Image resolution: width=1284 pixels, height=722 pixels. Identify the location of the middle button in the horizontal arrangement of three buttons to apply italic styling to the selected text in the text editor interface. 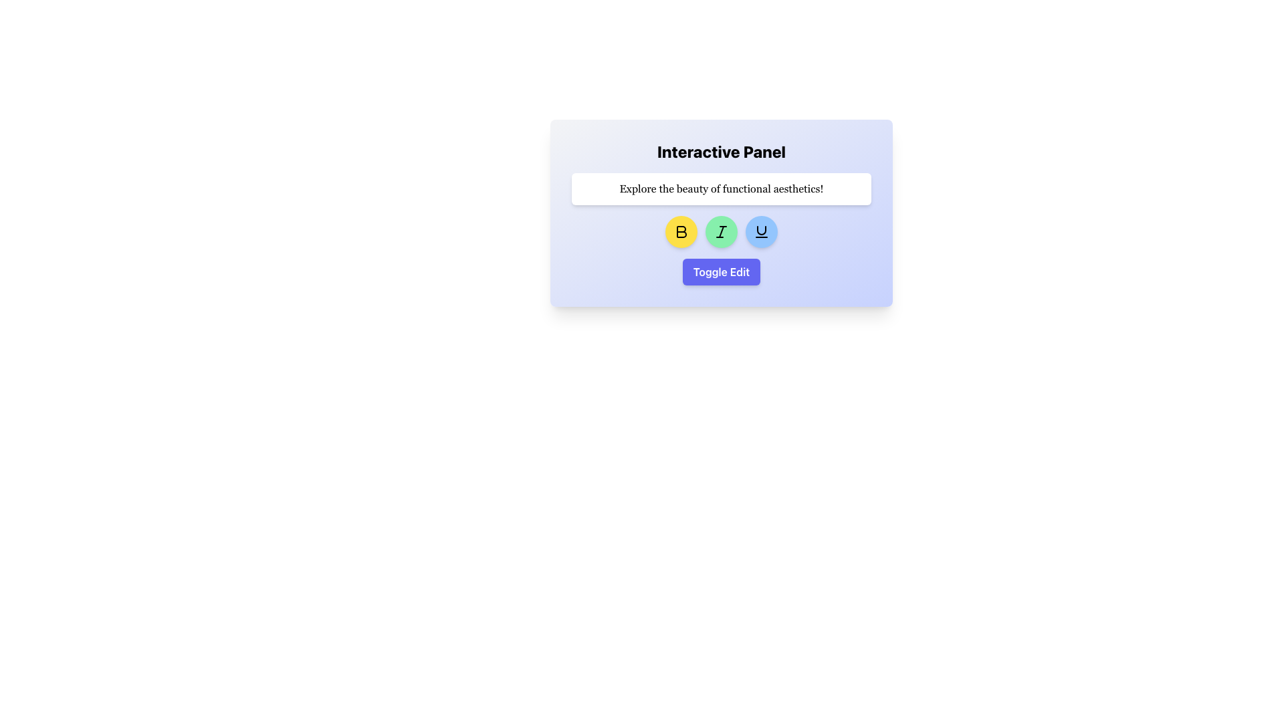
(721, 231).